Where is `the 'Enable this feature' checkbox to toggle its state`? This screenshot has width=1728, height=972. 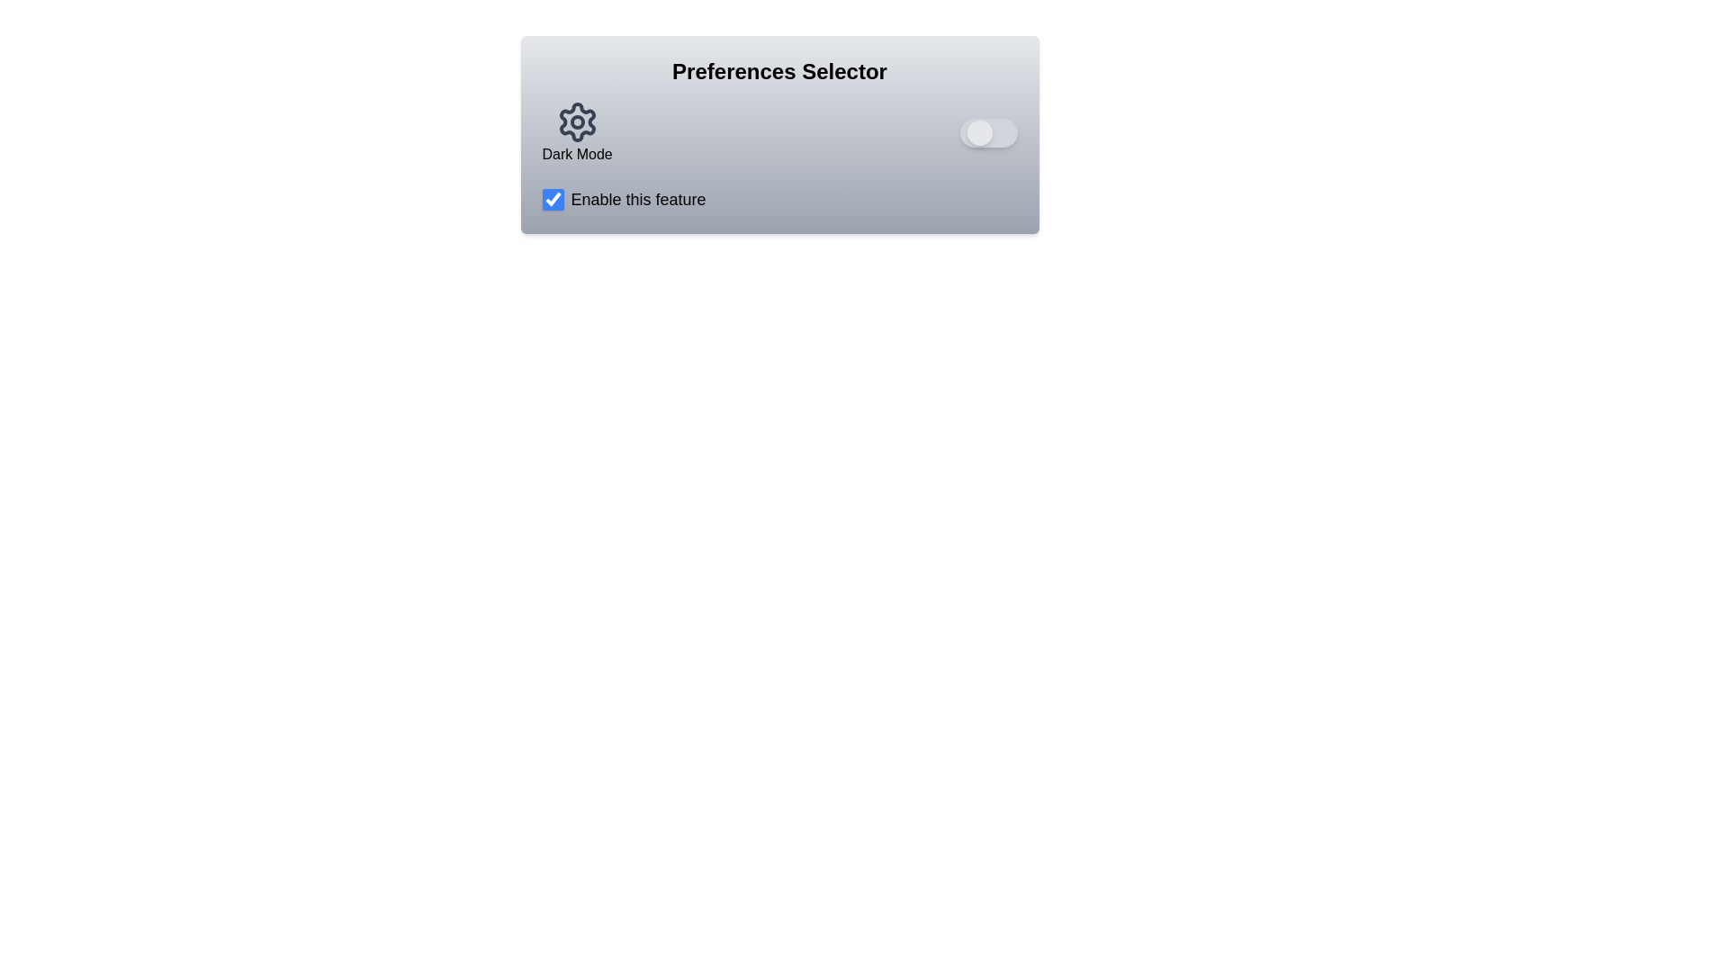 the 'Enable this feature' checkbox to toggle its state is located at coordinates (552, 200).